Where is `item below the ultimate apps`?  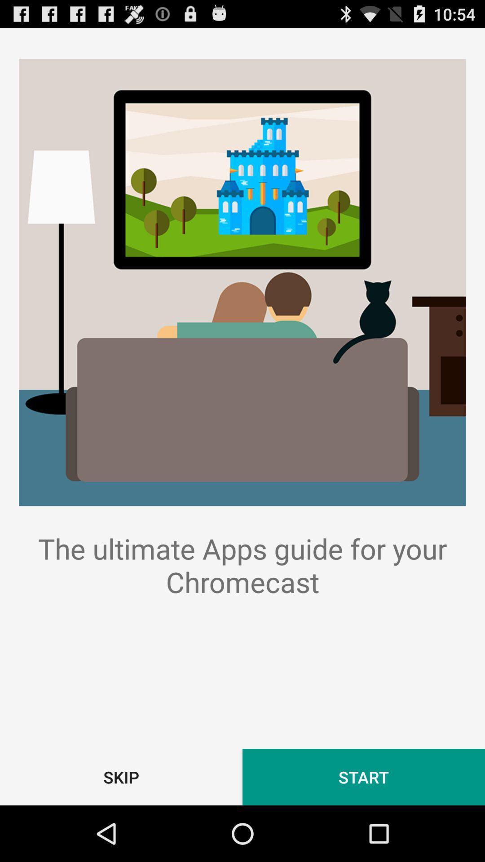 item below the ultimate apps is located at coordinates (121, 777).